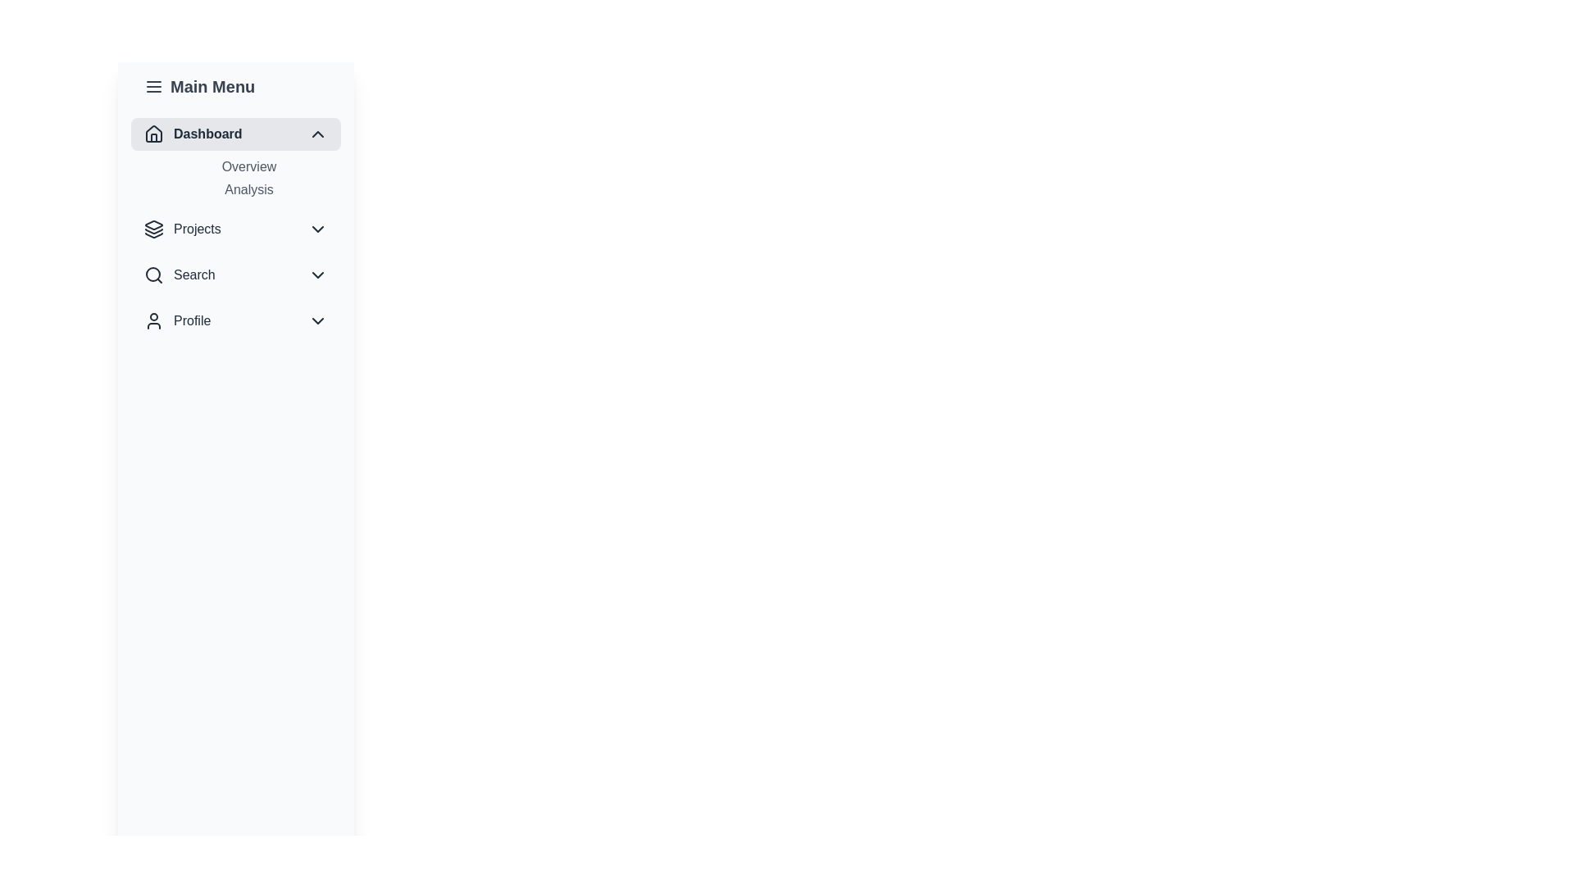 The height and width of the screenshot is (885, 1574). Describe the element at coordinates (153, 229) in the screenshot. I see `the 'Projects' icon located to the left of the 'Projects' text in the menu under the 'Dashboard' section` at that location.